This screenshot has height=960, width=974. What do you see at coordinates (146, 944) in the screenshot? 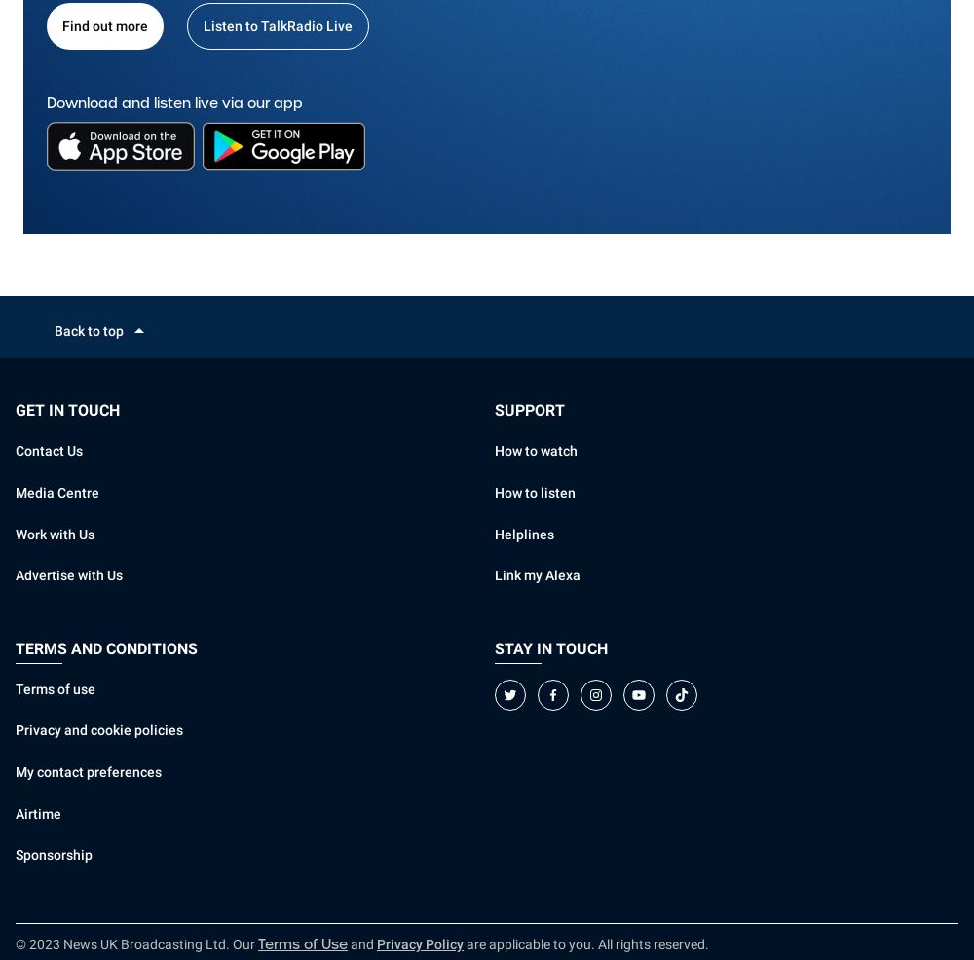
I see `'News UK Broadcasting Ltd.'` at bounding box center [146, 944].